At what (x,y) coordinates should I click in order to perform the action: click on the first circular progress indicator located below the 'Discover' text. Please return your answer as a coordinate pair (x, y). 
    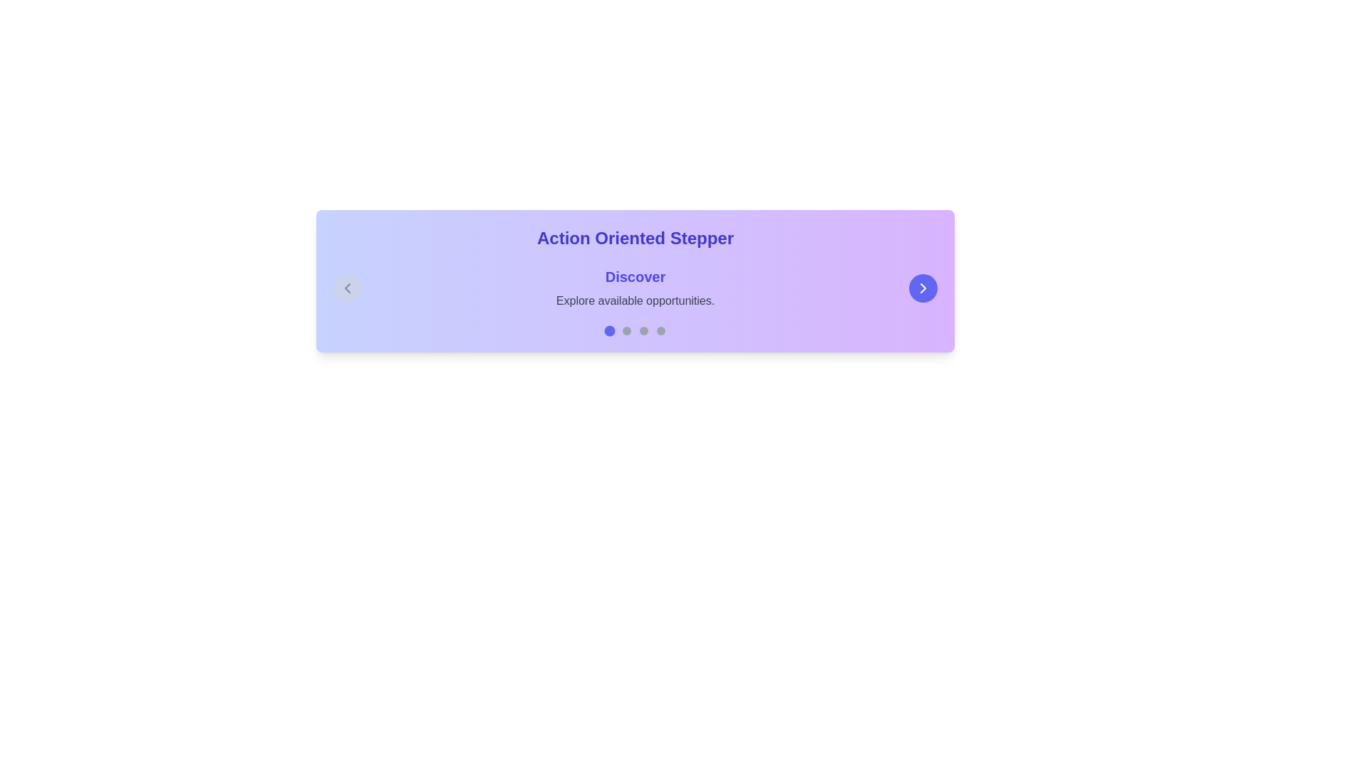
    Looking at the image, I should click on (609, 331).